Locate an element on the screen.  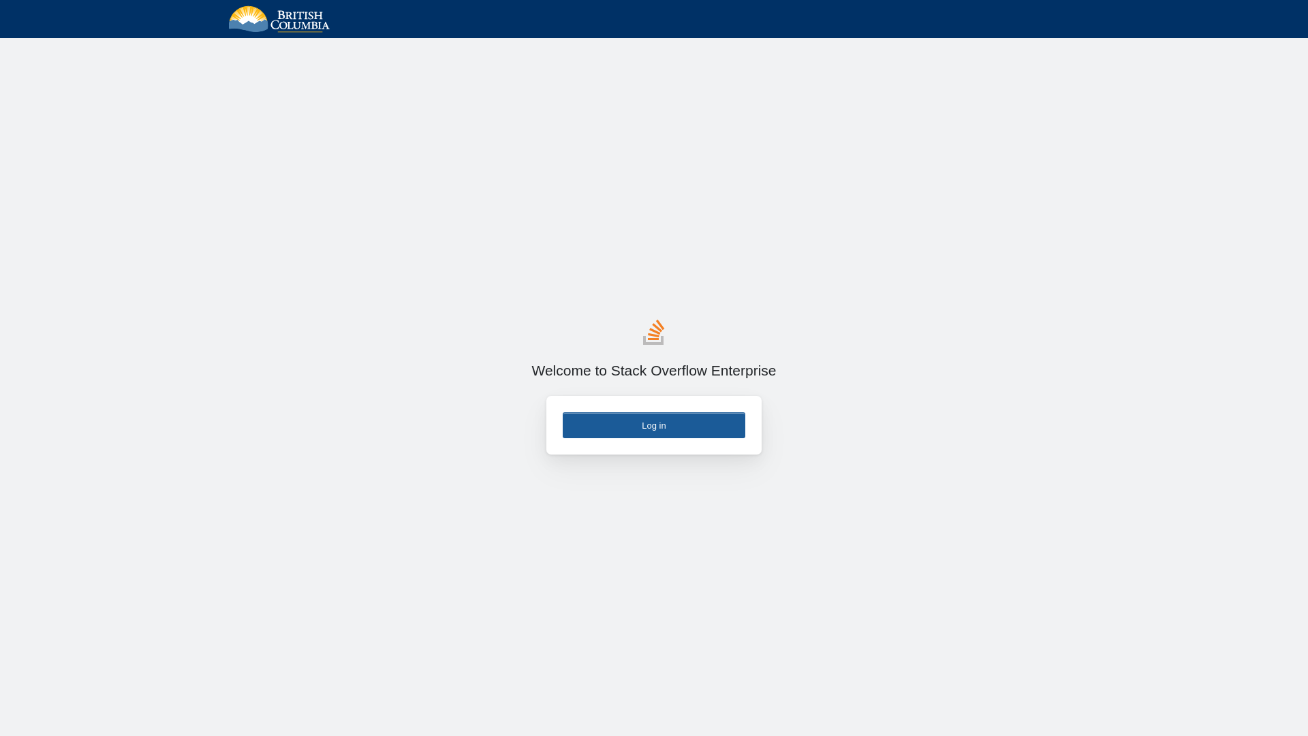
'Log in' is located at coordinates (562, 425).